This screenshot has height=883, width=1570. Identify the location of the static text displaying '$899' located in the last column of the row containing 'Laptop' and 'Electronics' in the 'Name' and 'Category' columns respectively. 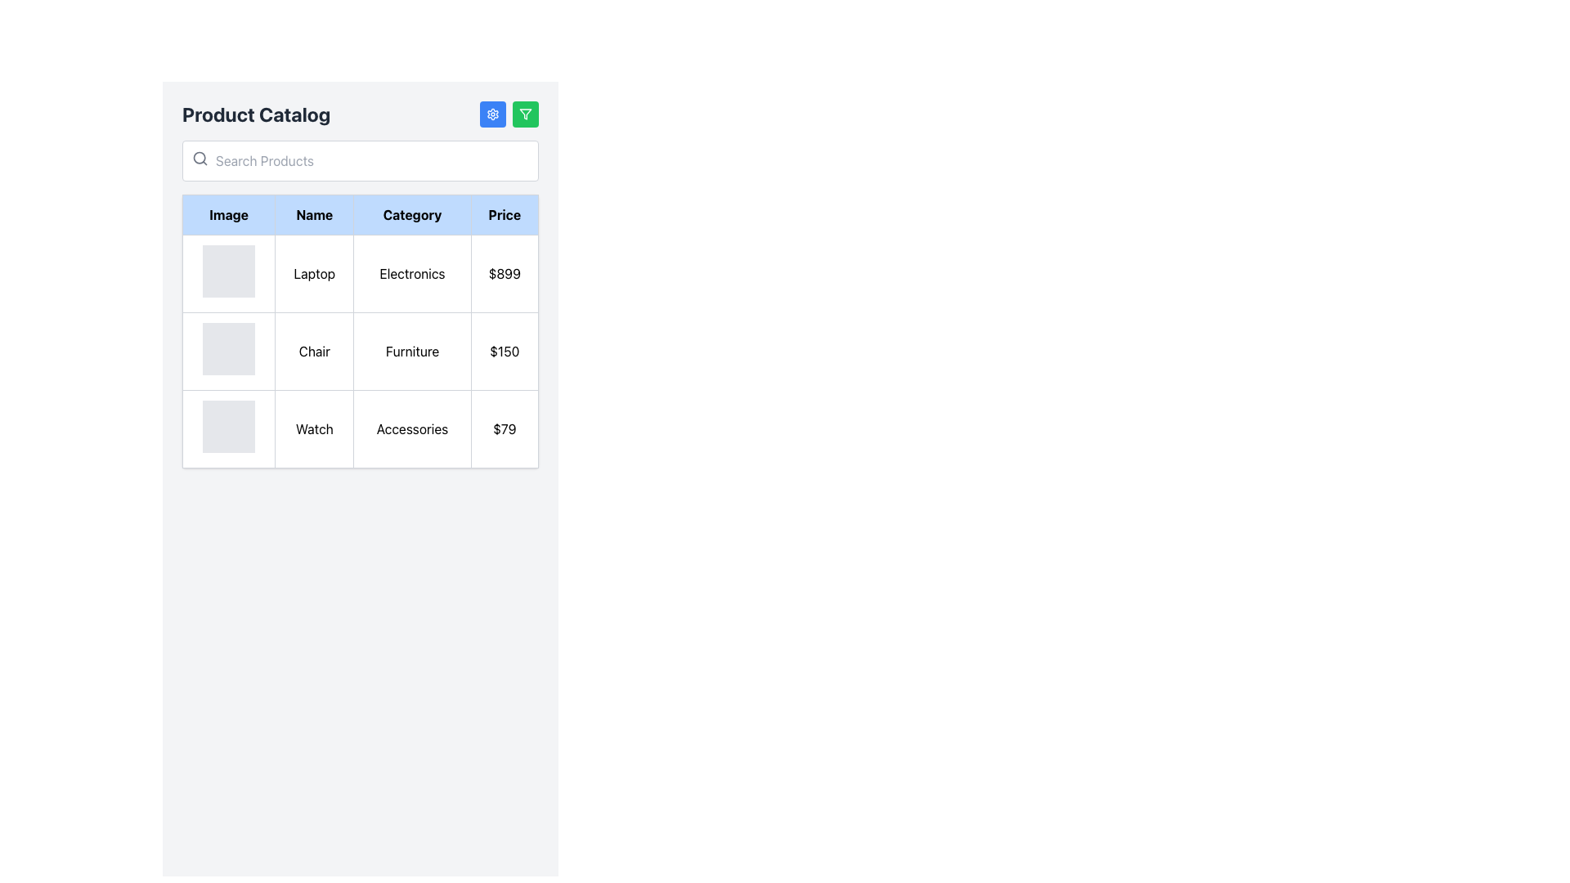
(504, 273).